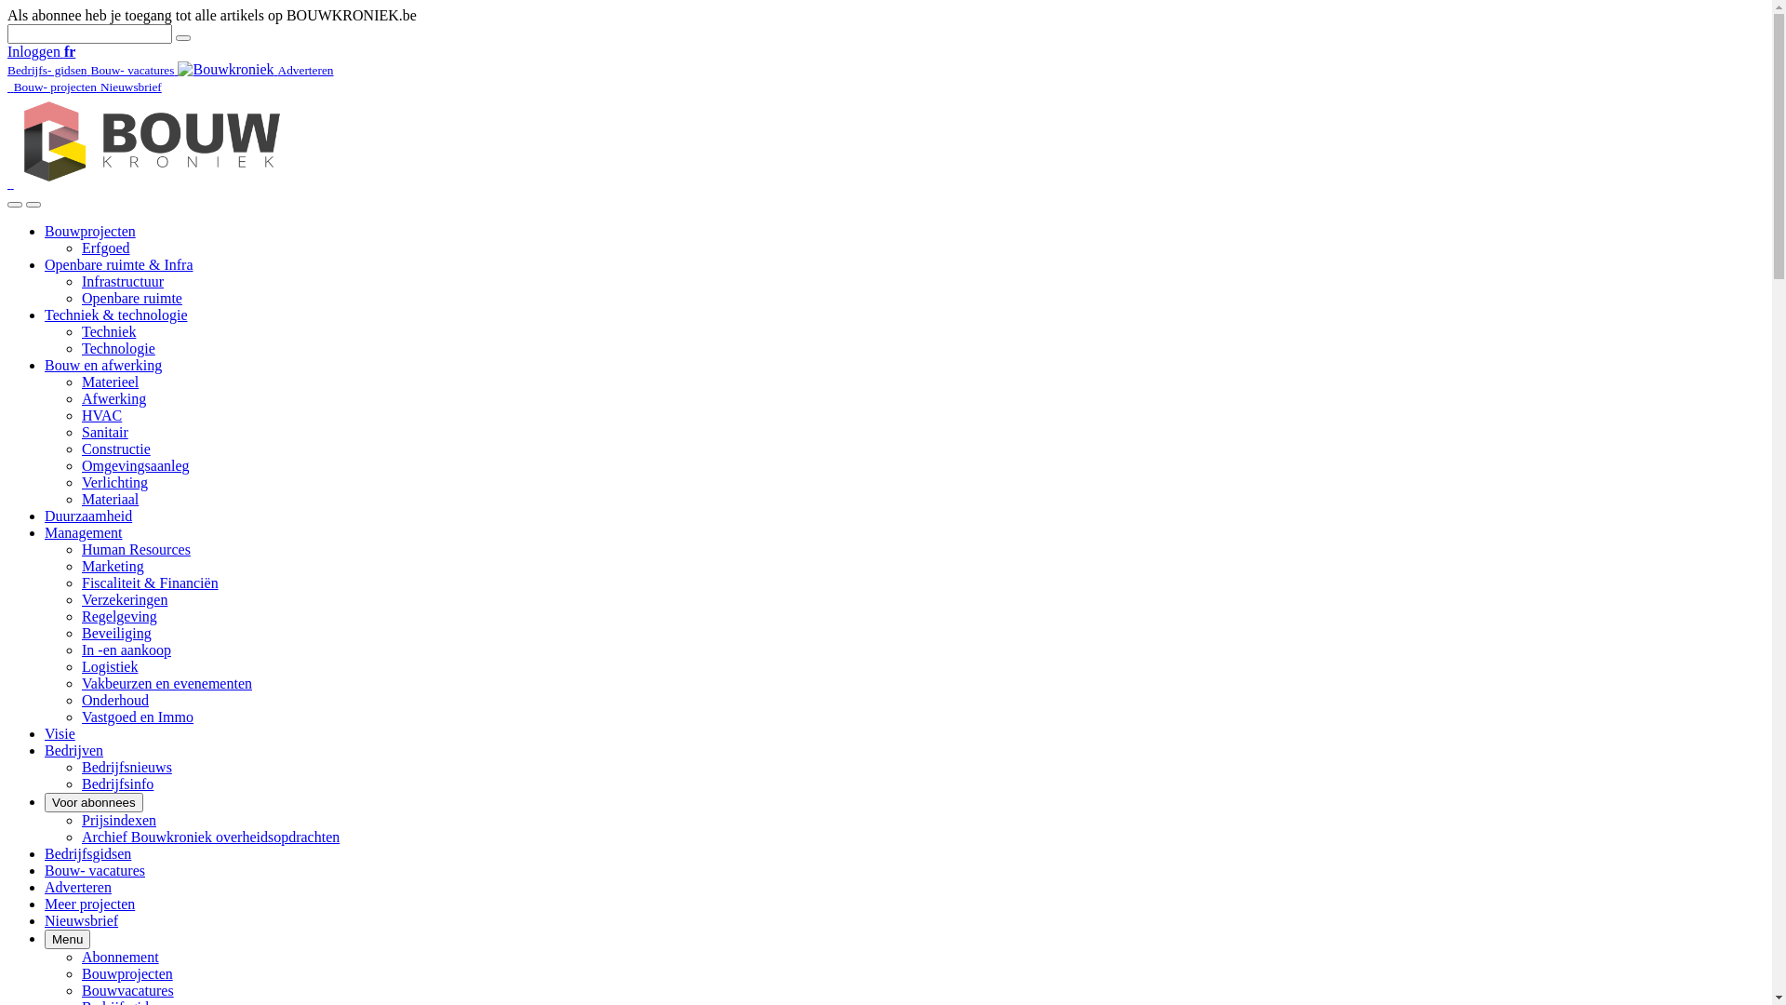 This screenshot has height=1005, width=1786. What do you see at coordinates (125, 649) in the screenshot?
I see `'In -en aankoop'` at bounding box center [125, 649].